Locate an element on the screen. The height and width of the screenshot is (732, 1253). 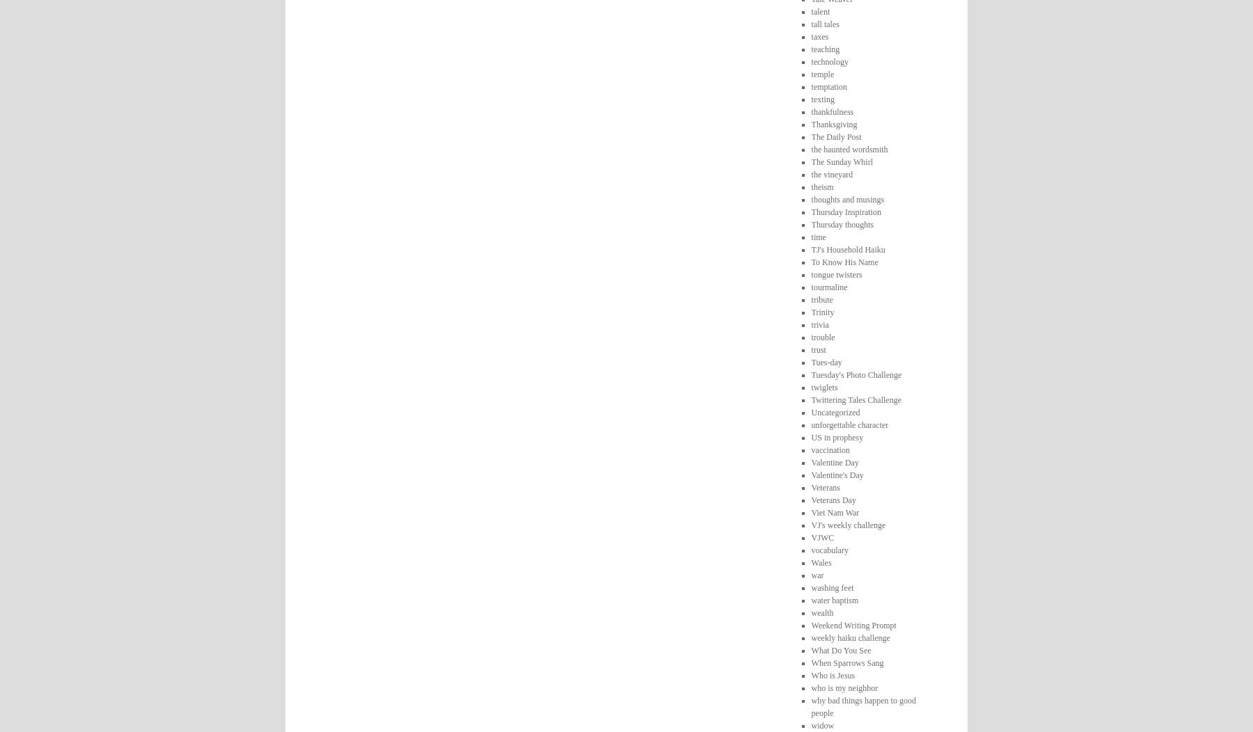
'washing feet' is located at coordinates (831, 587).